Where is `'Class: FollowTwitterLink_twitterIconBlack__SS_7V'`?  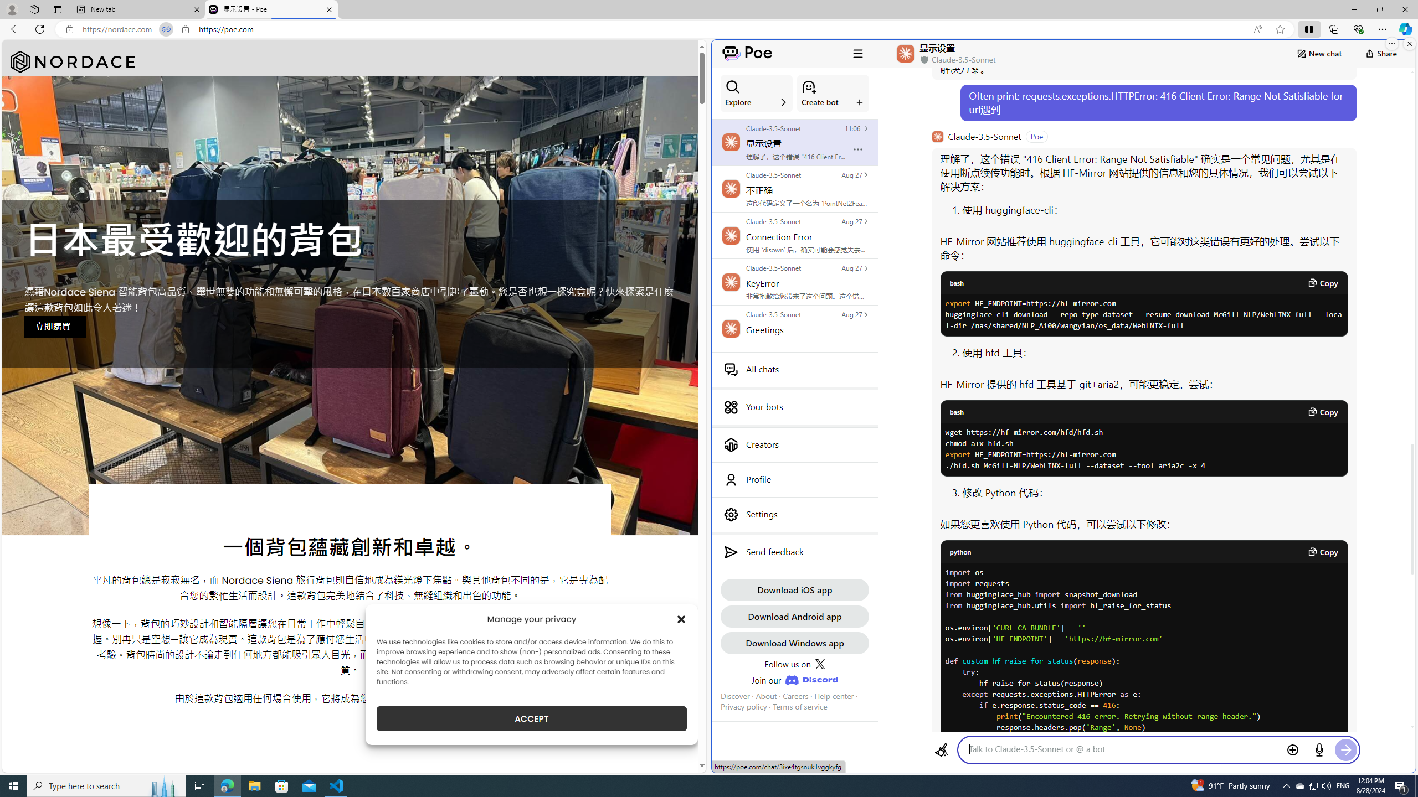
'Class: FollowTwitterLink_twitterIconBlack__SS_7V' is located at coordinates (819, 664).